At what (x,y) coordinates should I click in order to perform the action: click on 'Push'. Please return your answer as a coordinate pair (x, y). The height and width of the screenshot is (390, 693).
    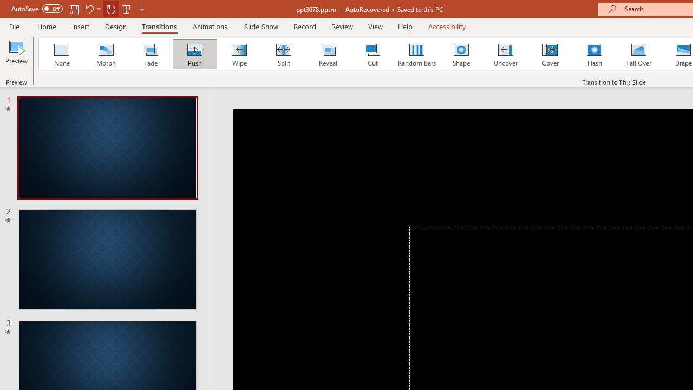
    Looking at the image, I should click on (194, 54).